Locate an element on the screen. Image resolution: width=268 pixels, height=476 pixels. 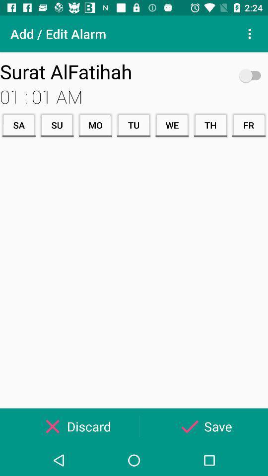
icon above the sa item is located at coordinates (121, 96).